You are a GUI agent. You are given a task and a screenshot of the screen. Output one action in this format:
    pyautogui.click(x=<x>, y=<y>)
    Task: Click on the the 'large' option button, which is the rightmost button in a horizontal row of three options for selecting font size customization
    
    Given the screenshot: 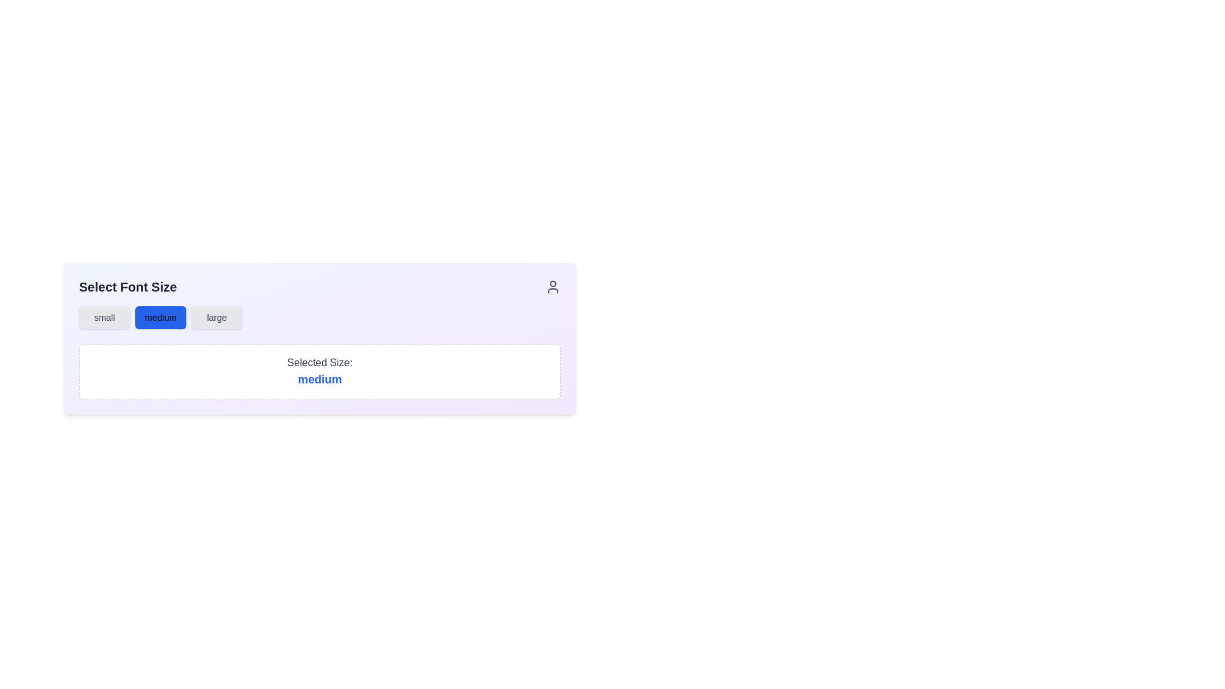 What is the action you would take?
    pyautogui.click(x=217, y=316)
    